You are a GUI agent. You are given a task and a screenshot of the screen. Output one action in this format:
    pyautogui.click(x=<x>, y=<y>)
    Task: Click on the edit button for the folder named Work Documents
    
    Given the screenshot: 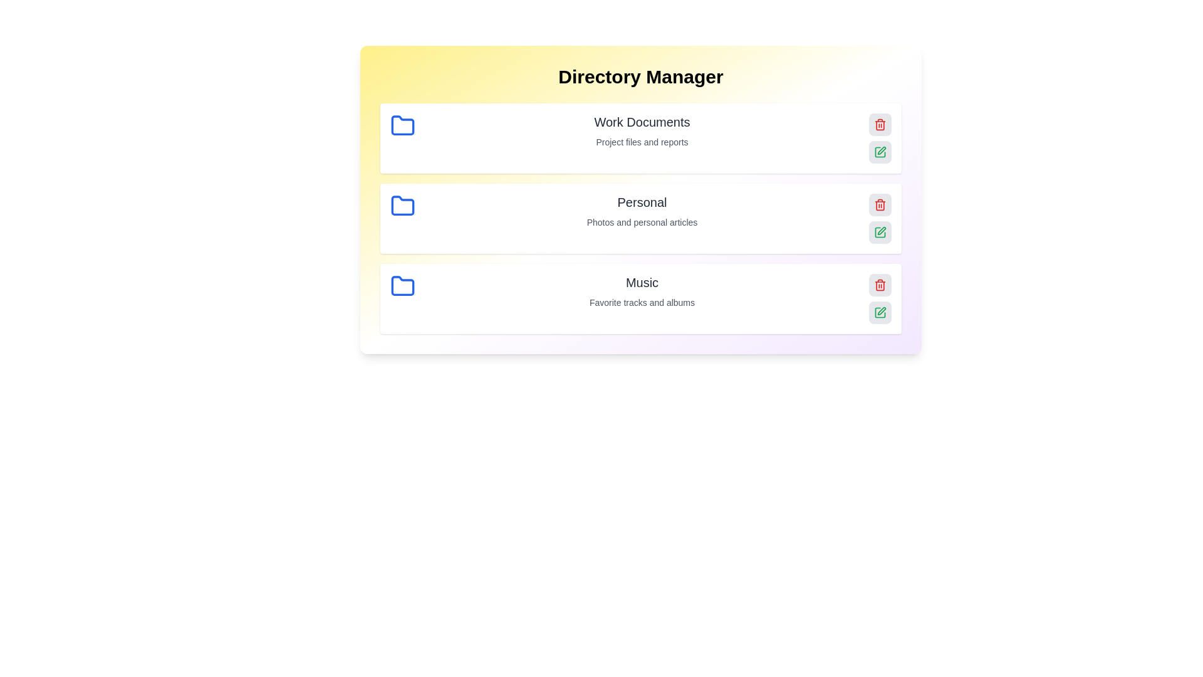 What is the action you would take?
    pyautogui.click(x=880, y=152)
    